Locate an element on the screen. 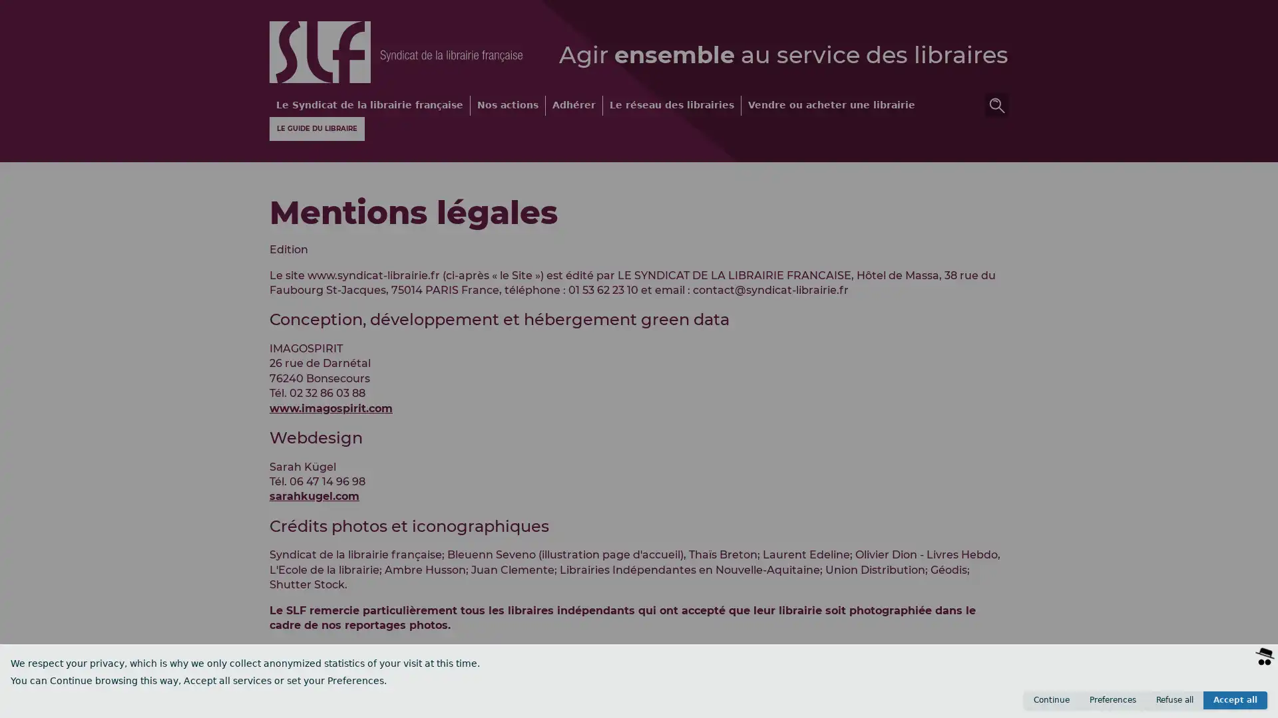 The width and height of the screenshot is (1278, 718). Accept all is located at coordinates (1235, 699).